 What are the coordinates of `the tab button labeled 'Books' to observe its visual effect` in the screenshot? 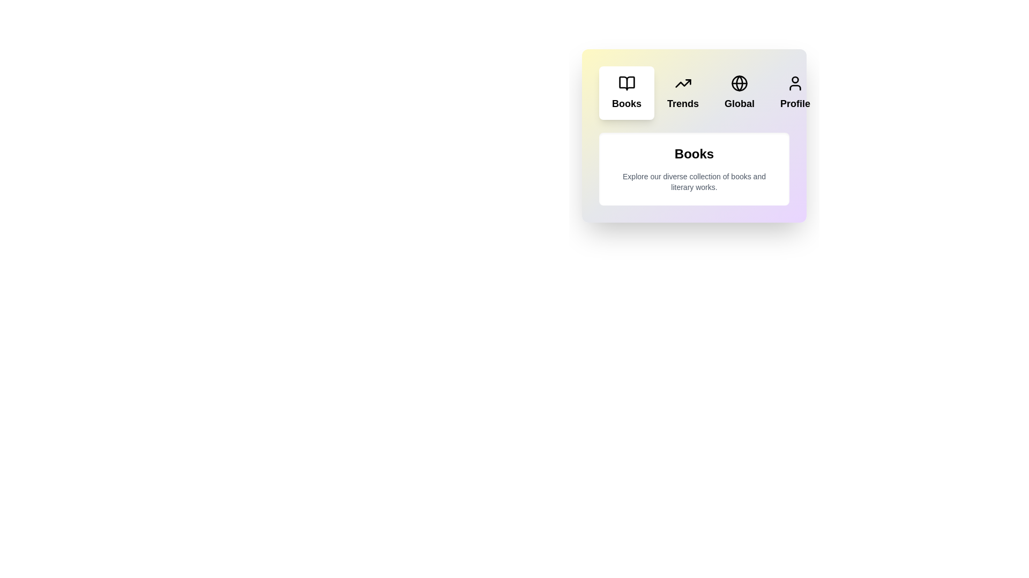 It's located at (627, 92).